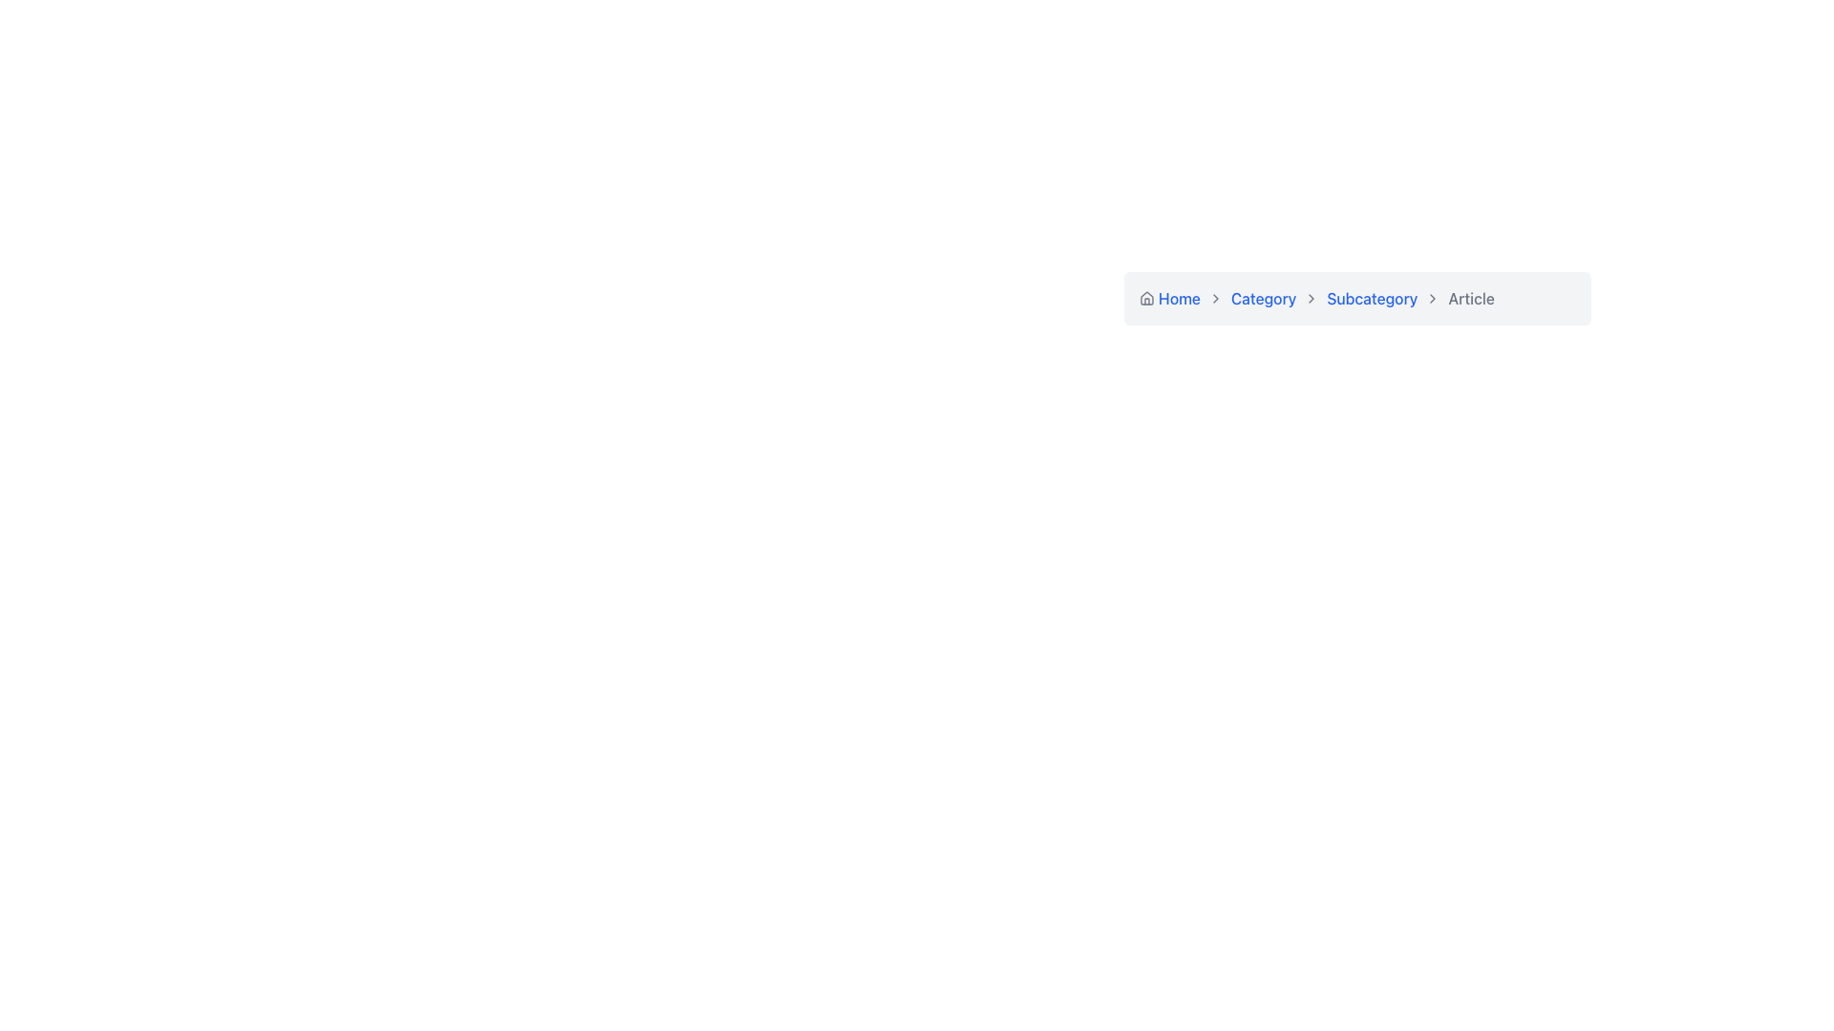 This screenshot has height=1031, width=1834. I want to click on the Home icon in the breadcrumb navigation bar, which is the leftmost element preceding the text 'Home', so click(1146, 298).